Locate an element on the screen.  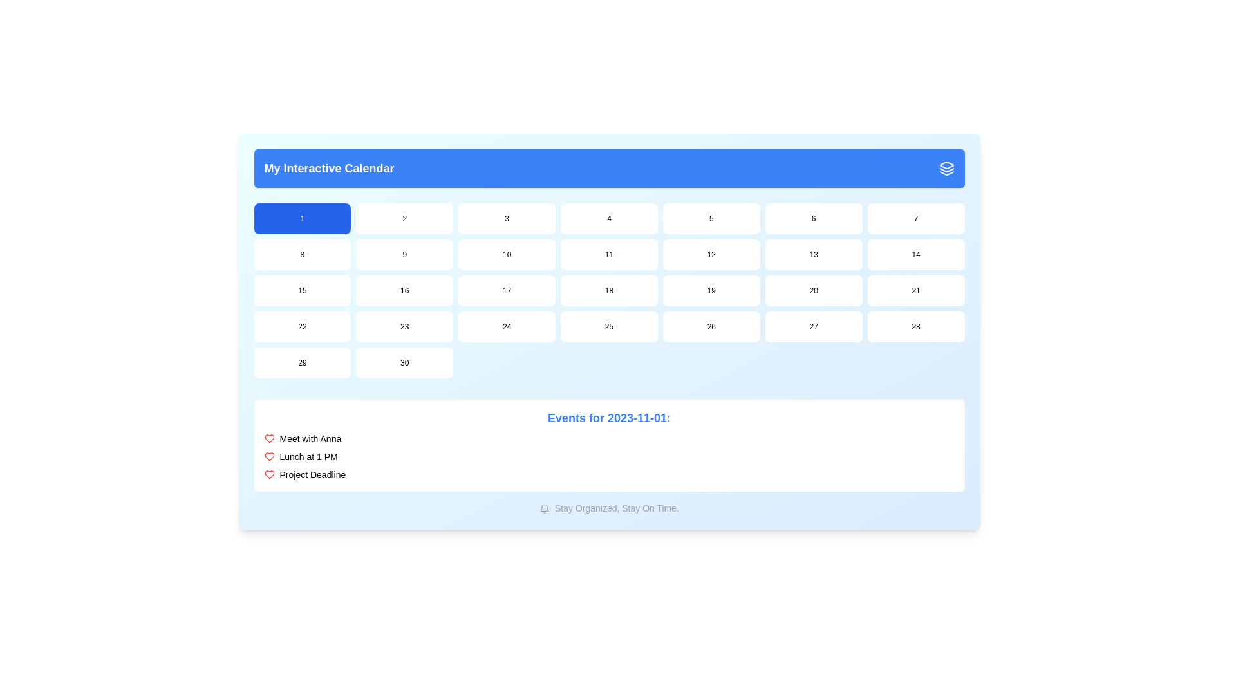
the interactive calendar date selector button labeled '11' located in the 4th column of the 2nd row of the grid layout is located at coordinates (608, 255).